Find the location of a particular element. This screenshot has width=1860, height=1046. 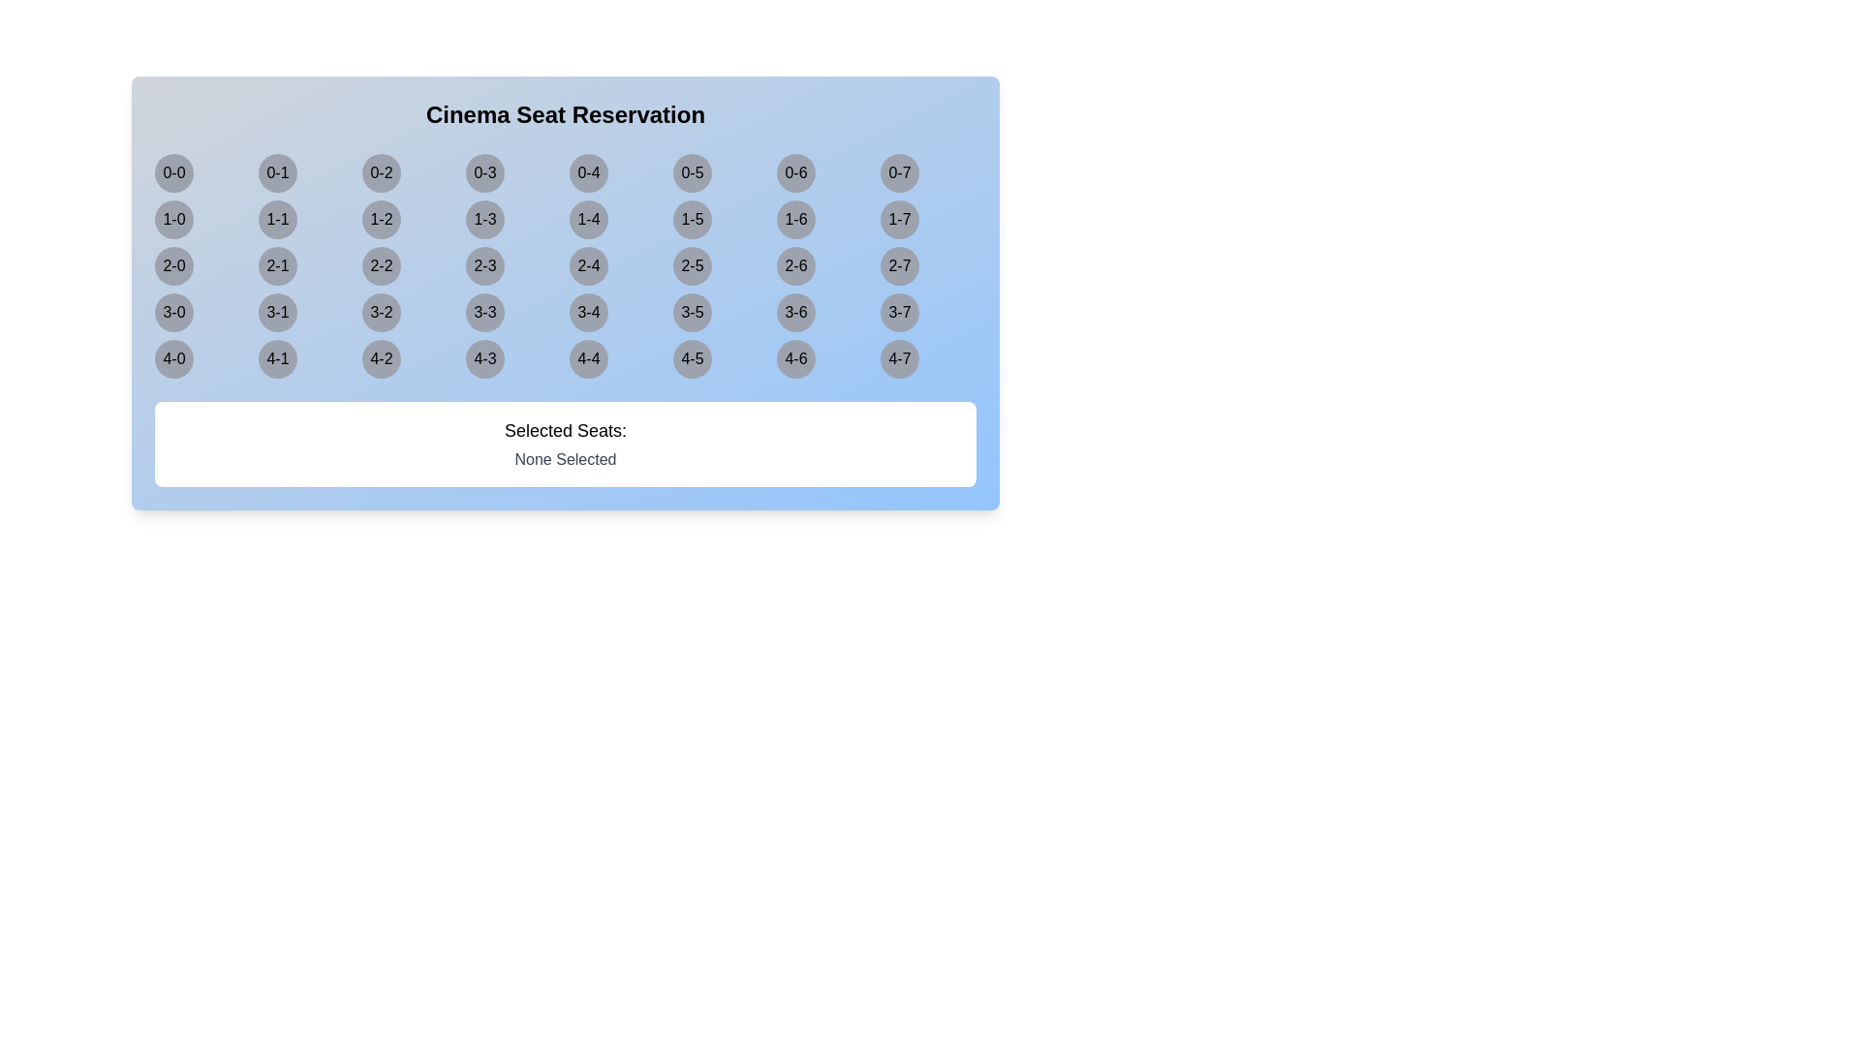

the circular button labeled '4-3' in the grid layout is located at coordinates (484, 358).